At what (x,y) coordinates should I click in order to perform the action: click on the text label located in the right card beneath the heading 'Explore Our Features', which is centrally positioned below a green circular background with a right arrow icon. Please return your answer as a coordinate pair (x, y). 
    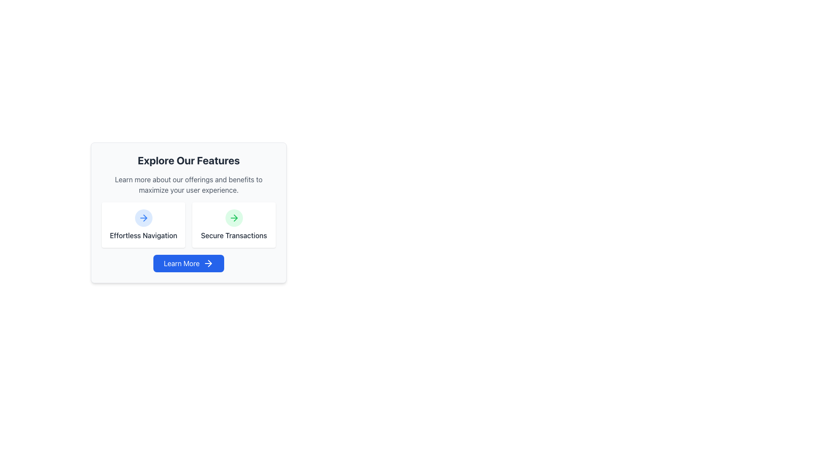
    Looking at the image, I should click on (234, 235).